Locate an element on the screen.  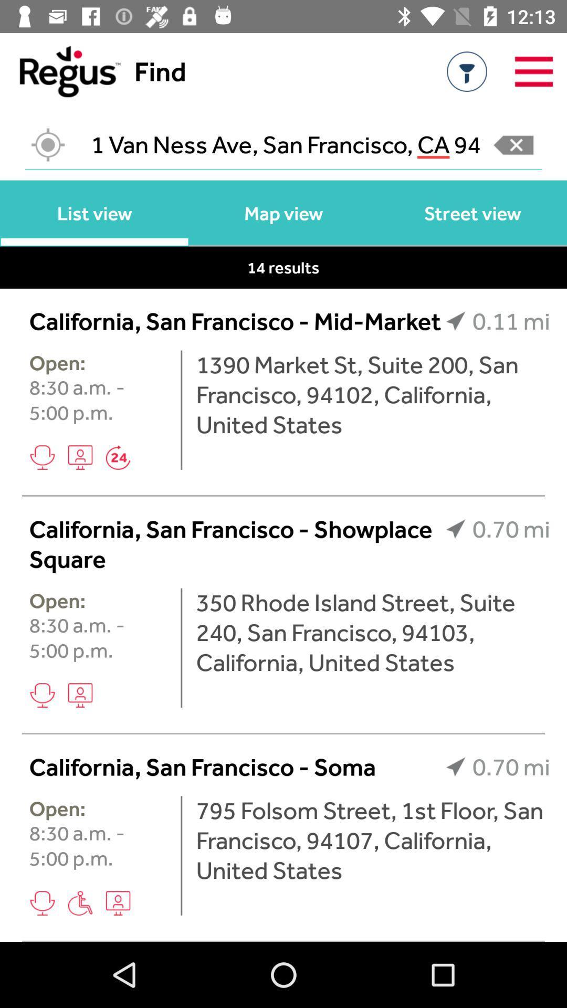
icon below california san francisco is located at coordinates (372, 840).